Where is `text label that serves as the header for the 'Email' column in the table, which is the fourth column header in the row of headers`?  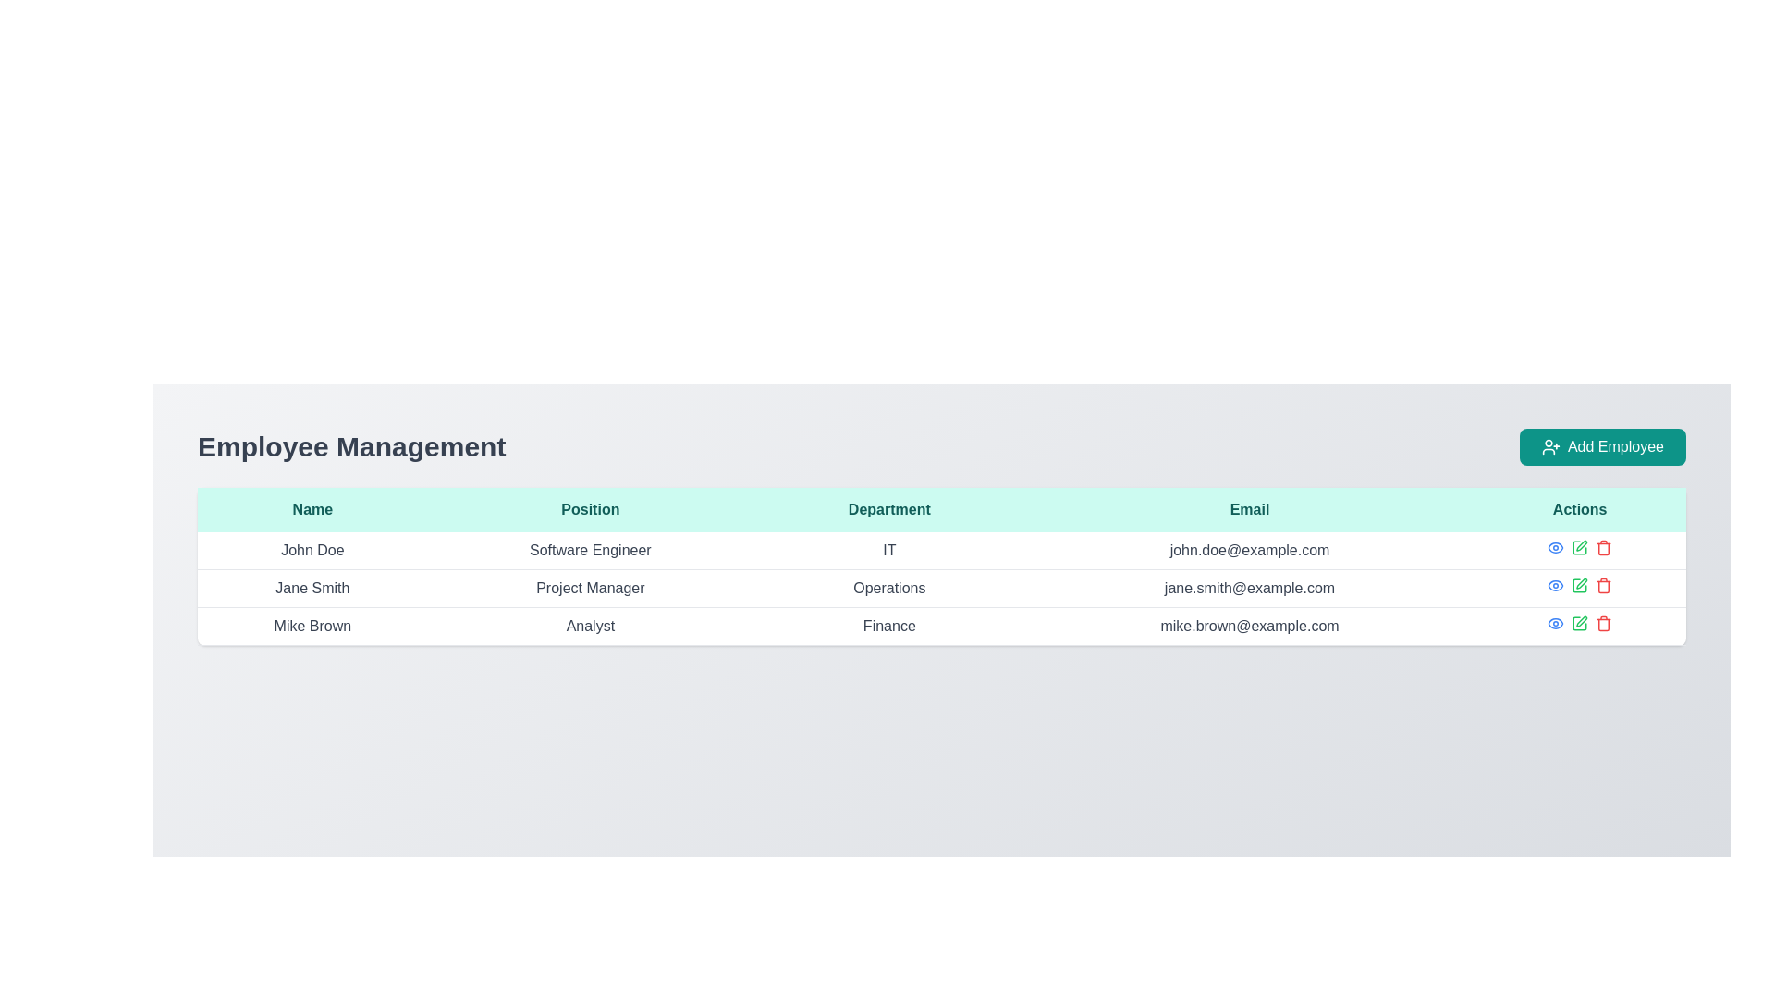 text label that serves as the header for the 'Email' column in the table, which is the fourth column header in the row of headers is located at coordinates (1250, 509).